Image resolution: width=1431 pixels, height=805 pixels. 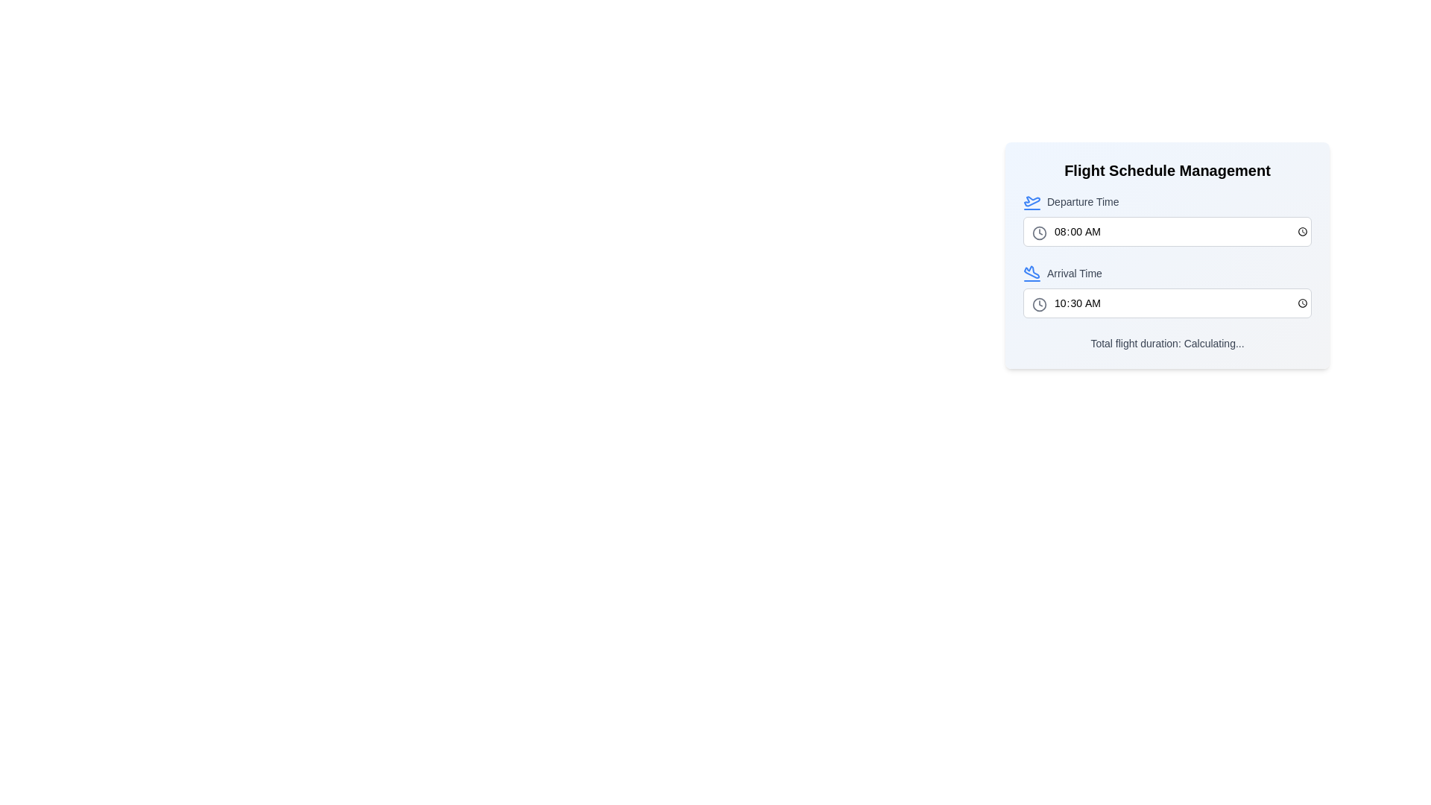 I want to click on the Text label that displays the total flight duration information, located in the bottom part of the flight schedule card, below the 'Arrival Time' section and centrally aligned, so click(x=1166, y=344).